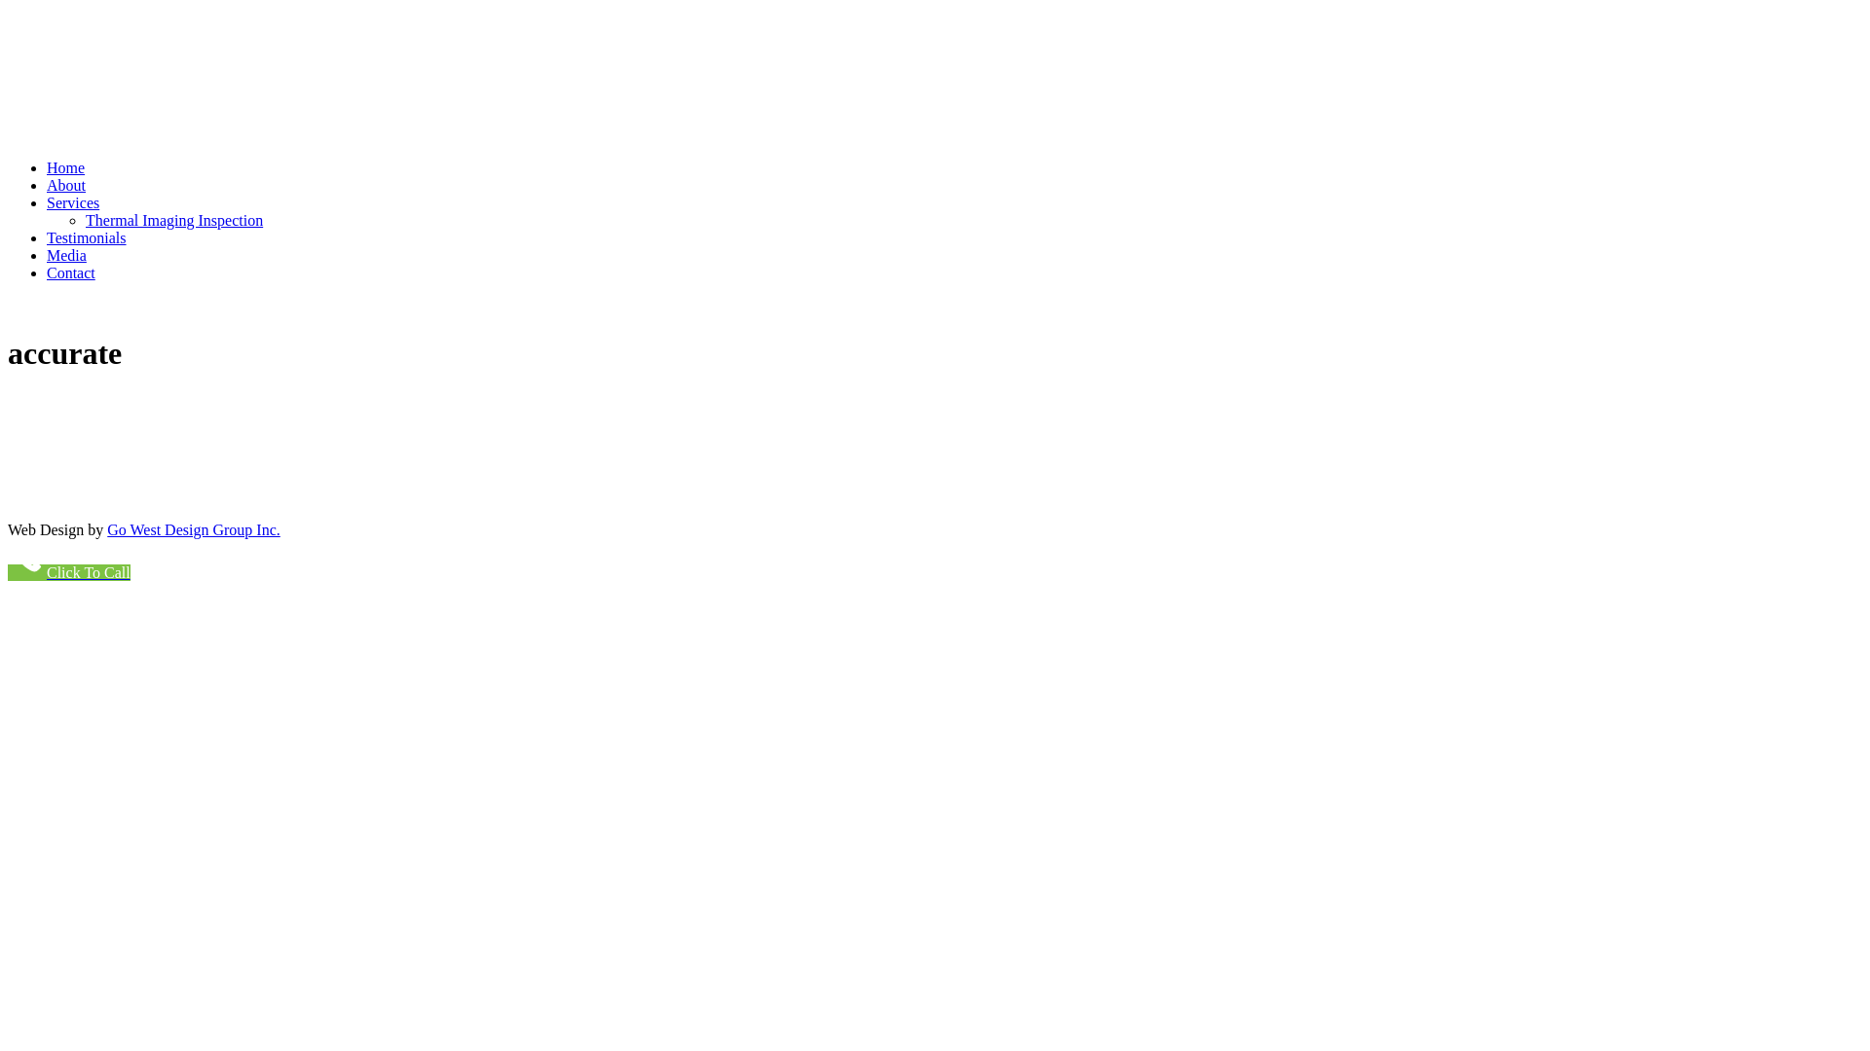 Image resolution: width=1870 pixels, height=1051 pixels. Describe the element at coordinates (65, 185) in the screenshot. I see `'About'` at that location.